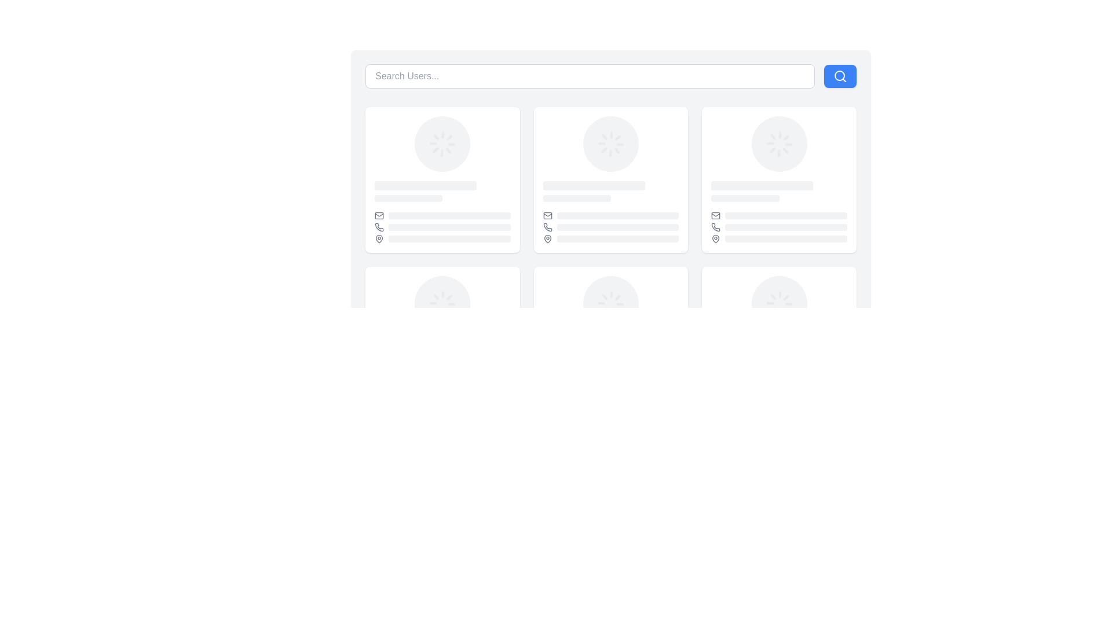 The width and height of the screenshot is (1112, 625). I want to click on the phone contact icon located in the upper-right quadrant of the card layout, so click(715, 227).